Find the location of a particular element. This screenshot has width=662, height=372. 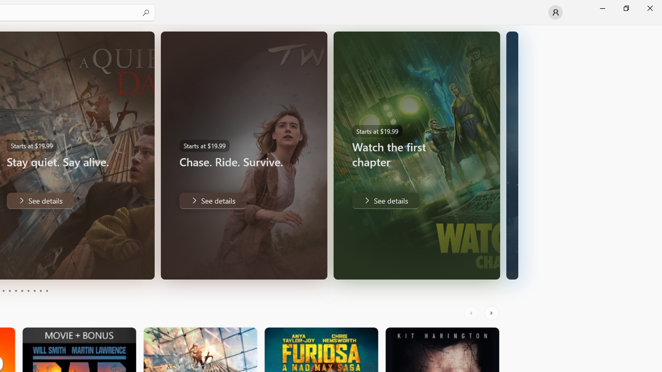

'Page 8' is located at coordinates (34, 291).